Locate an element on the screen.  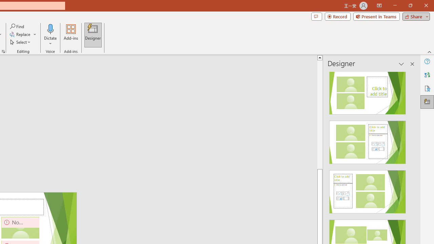
'Camera 5, No camera detected.' is located at coordinates (20, 228).